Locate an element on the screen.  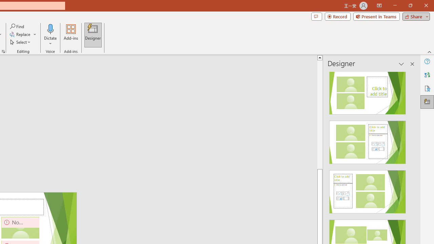
'Camera 5, No camera detected.' is located at coordinates (20, 228).